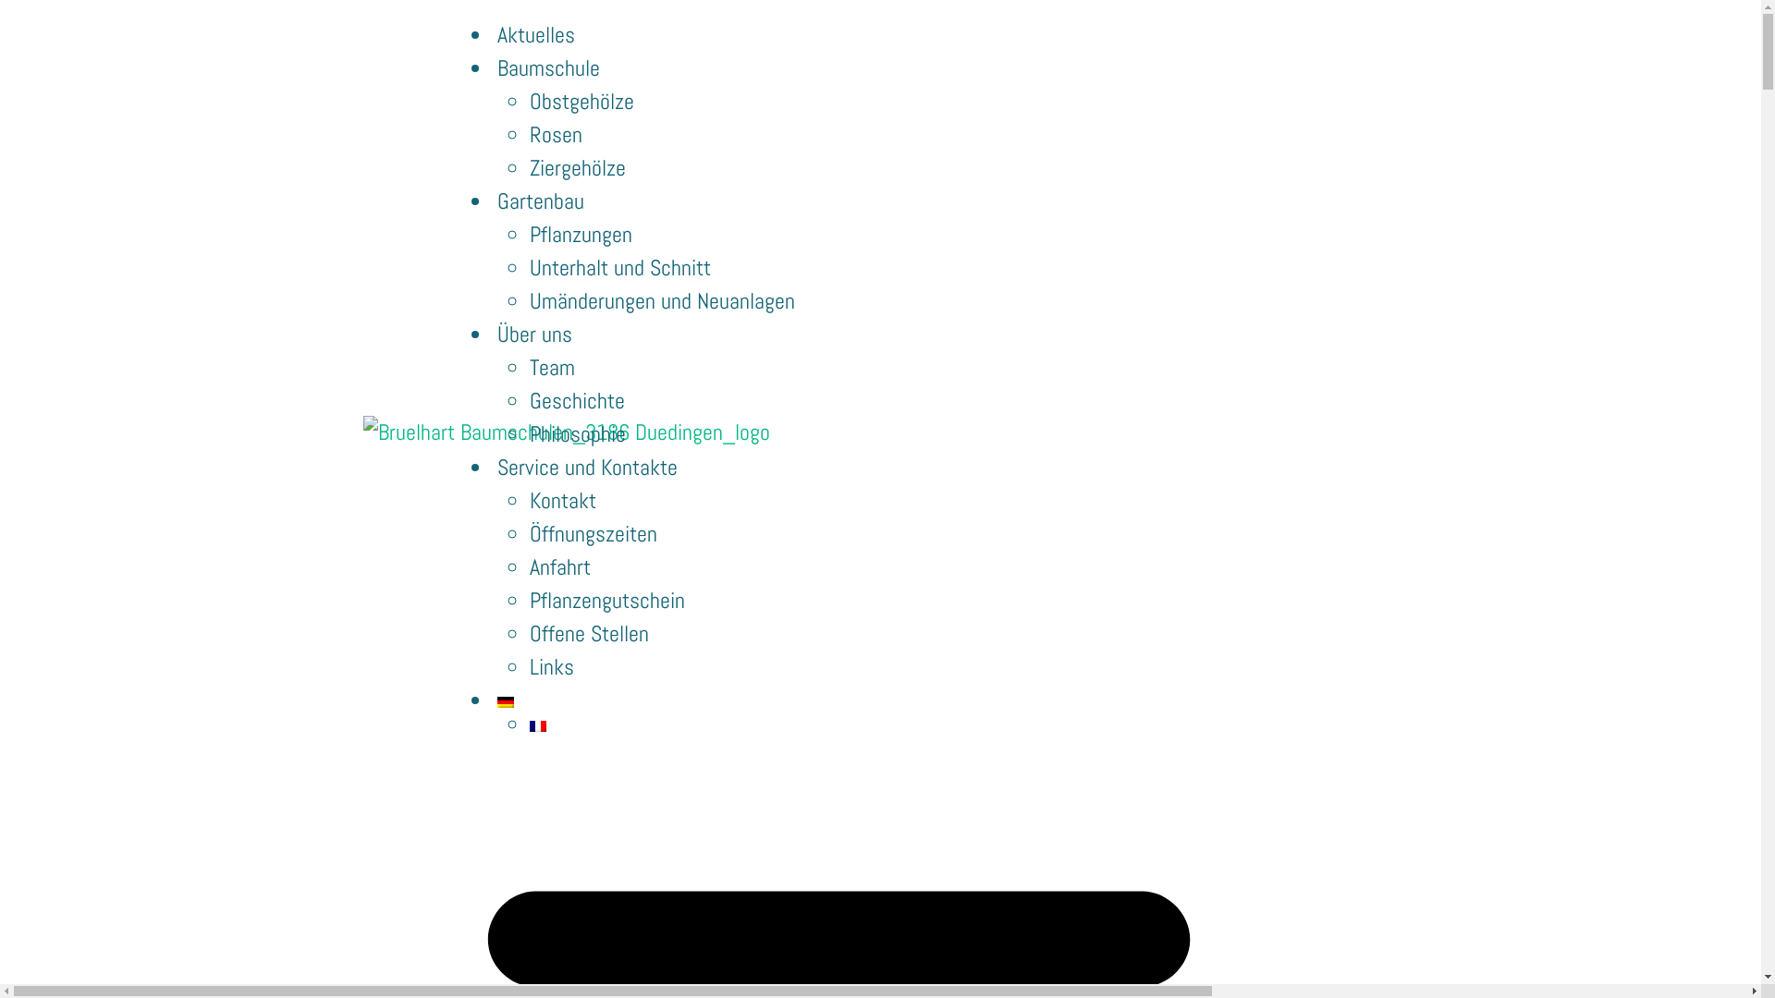  Describe the element at coordinates (528, 399) in the screenshot. I see `'Geschichte'` at that location.